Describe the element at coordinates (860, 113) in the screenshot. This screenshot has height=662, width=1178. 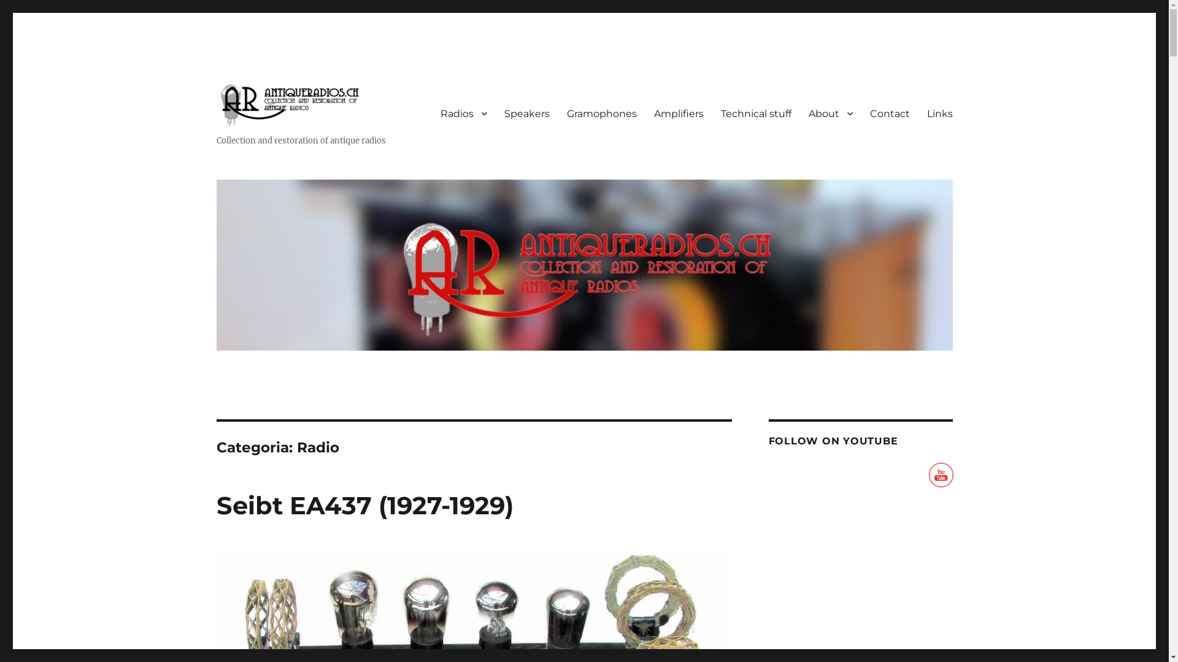
I see `'Contact'` at that location.